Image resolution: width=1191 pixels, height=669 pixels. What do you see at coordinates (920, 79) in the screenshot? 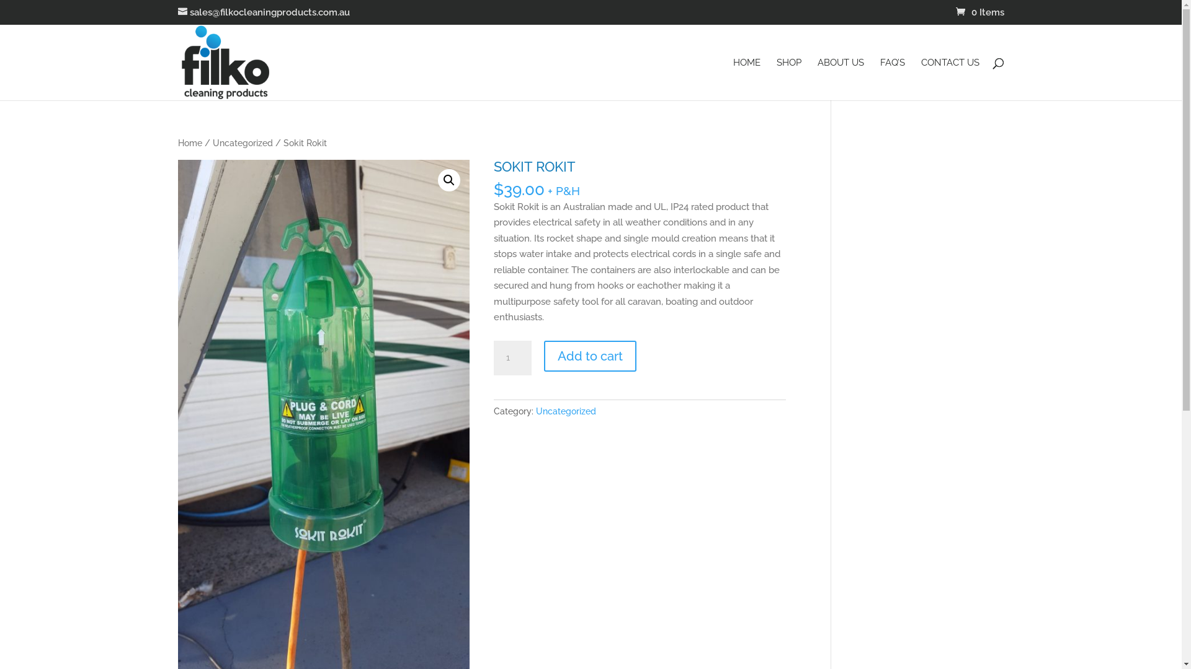
I see `'CONTACT US'` at bounding box center [920, 79].